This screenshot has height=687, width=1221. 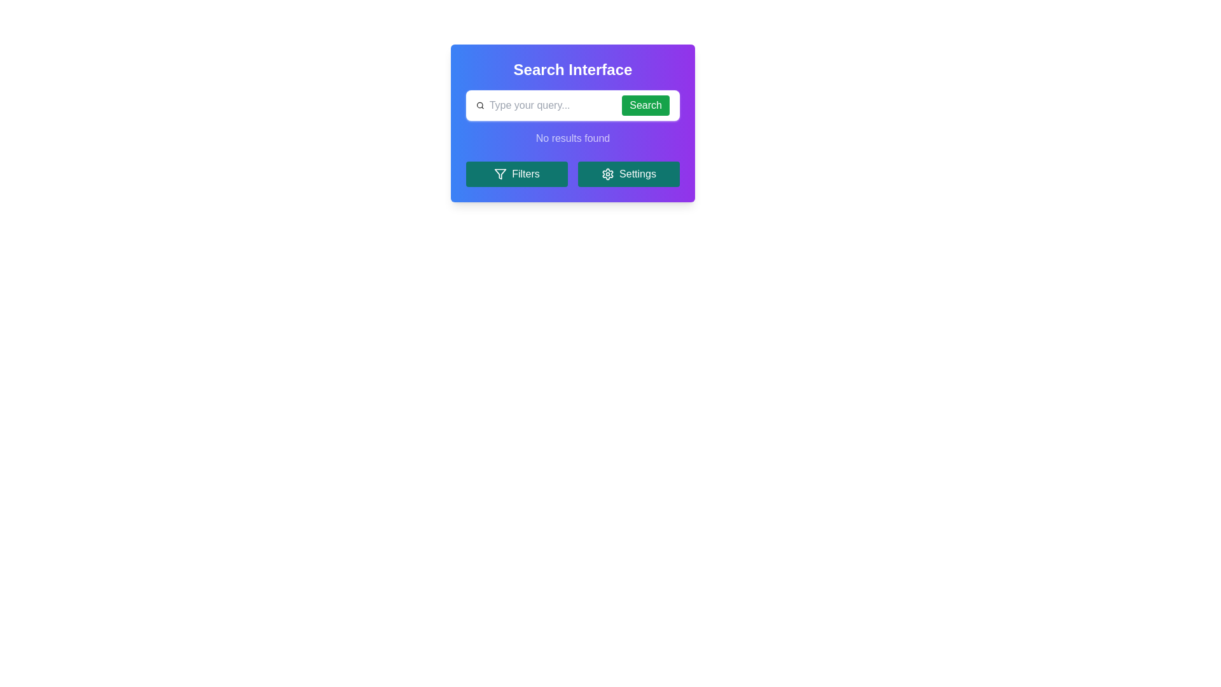 What do you see at coordinates (500, 174) in the screenshot?
I see `the filtering icon located in the bottom left area of the interface, adjacent to the Settings button` at bounding box center [500, 174].